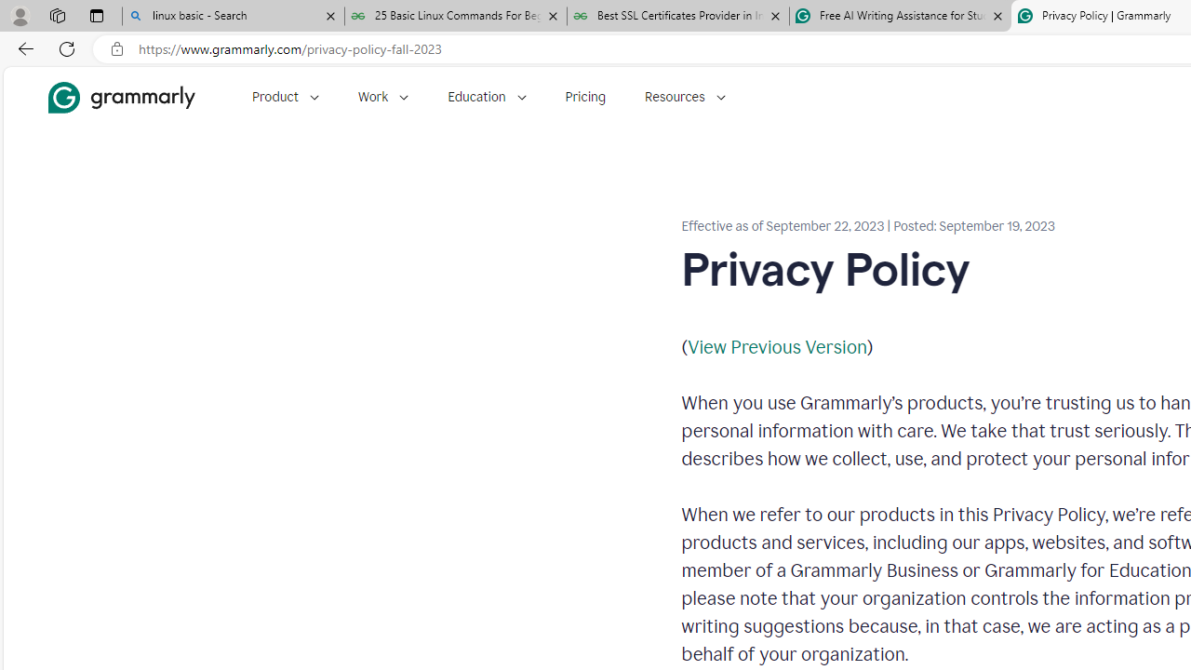 This screenshot has height=670, width=1191. What do you see at coordinates (382, 97) in the screenshot?
I see `'Work'` at bounding box center [382, 97].